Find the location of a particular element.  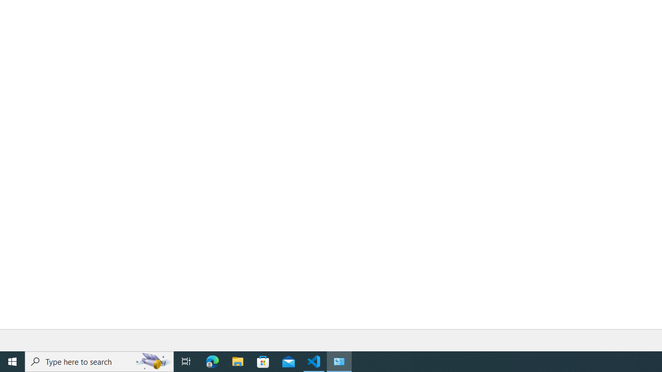

'Search highlights icon opens search home window' is located at coordinates (152, 361).